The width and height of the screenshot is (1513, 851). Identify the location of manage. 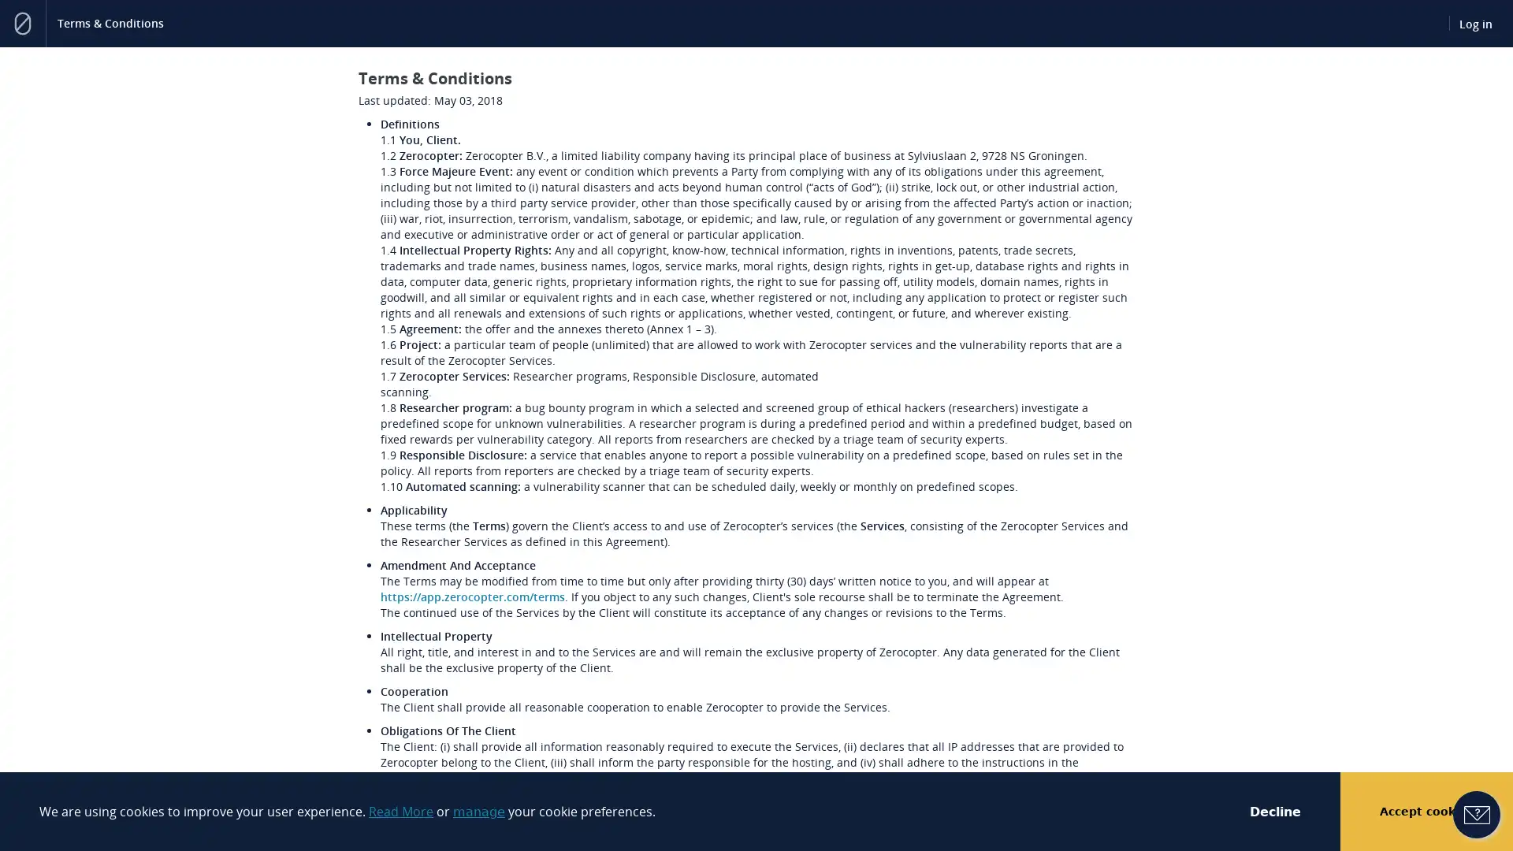
(478, 812).